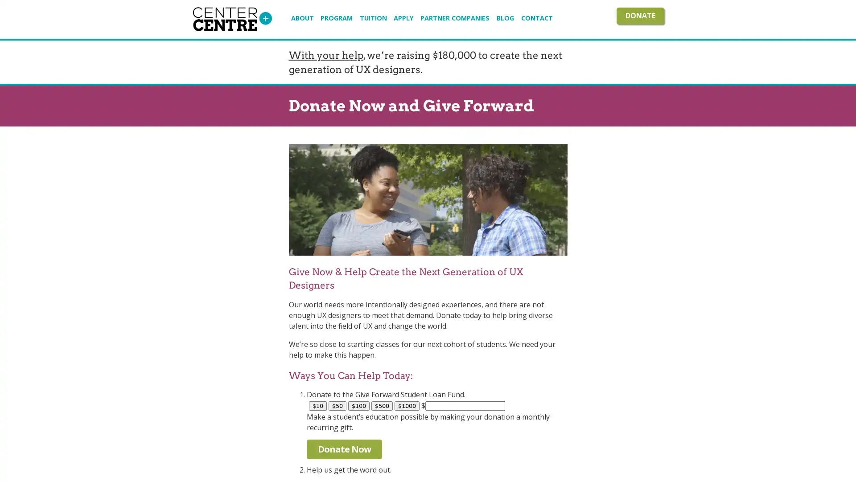 This screenshot has height=481, width=856. Describe the element at coordinates (358, 405) in the screenshot. I see `$100` at that location.